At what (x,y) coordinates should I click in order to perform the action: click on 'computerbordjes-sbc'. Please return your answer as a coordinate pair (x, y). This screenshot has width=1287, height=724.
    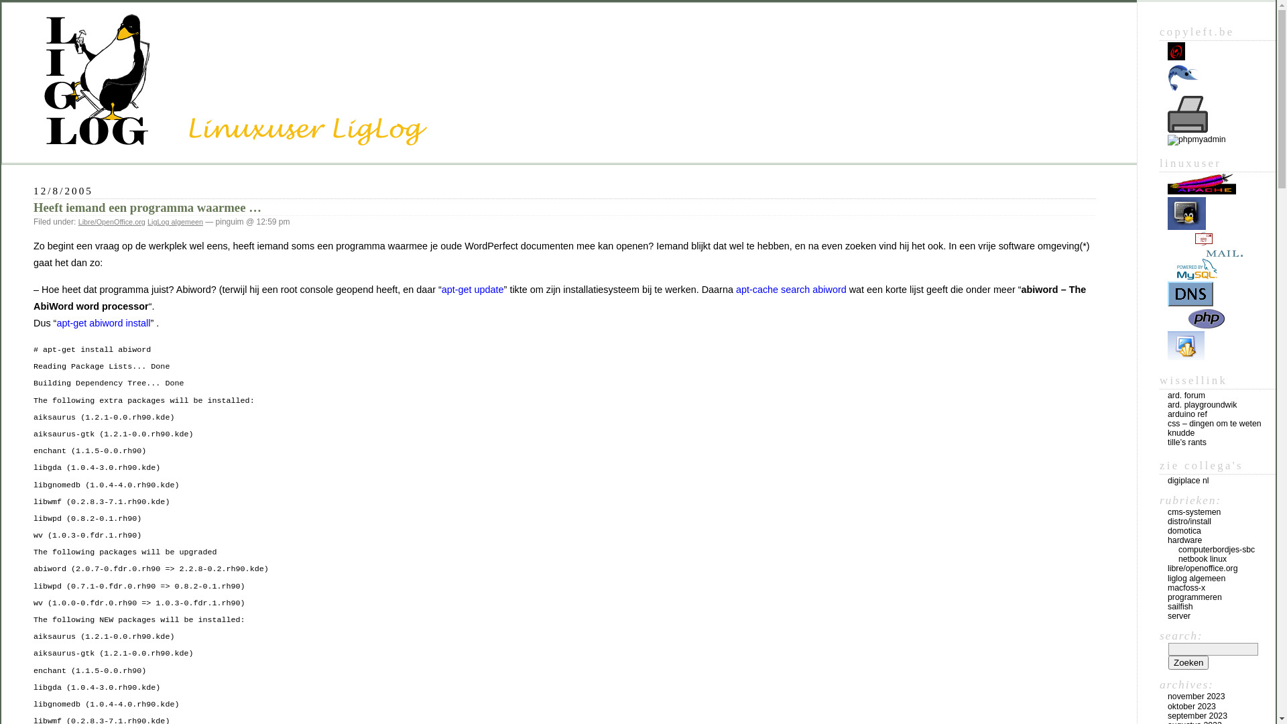
    Looking at the image, I should click on (1216, 550).